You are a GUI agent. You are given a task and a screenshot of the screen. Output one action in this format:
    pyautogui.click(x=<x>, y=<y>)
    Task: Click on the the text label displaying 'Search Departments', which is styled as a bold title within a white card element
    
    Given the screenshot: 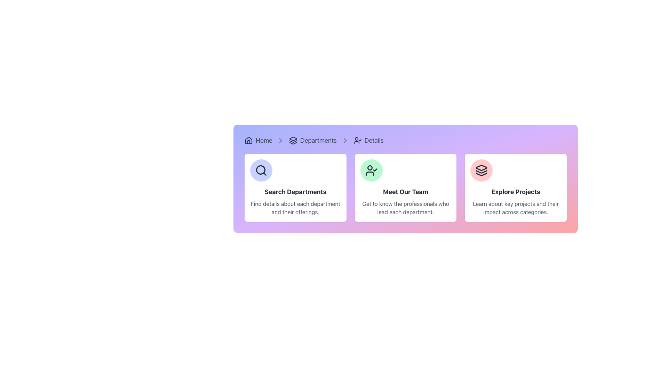 What is the action you would take?
    pyautogui.click(x=295, y=192)
    